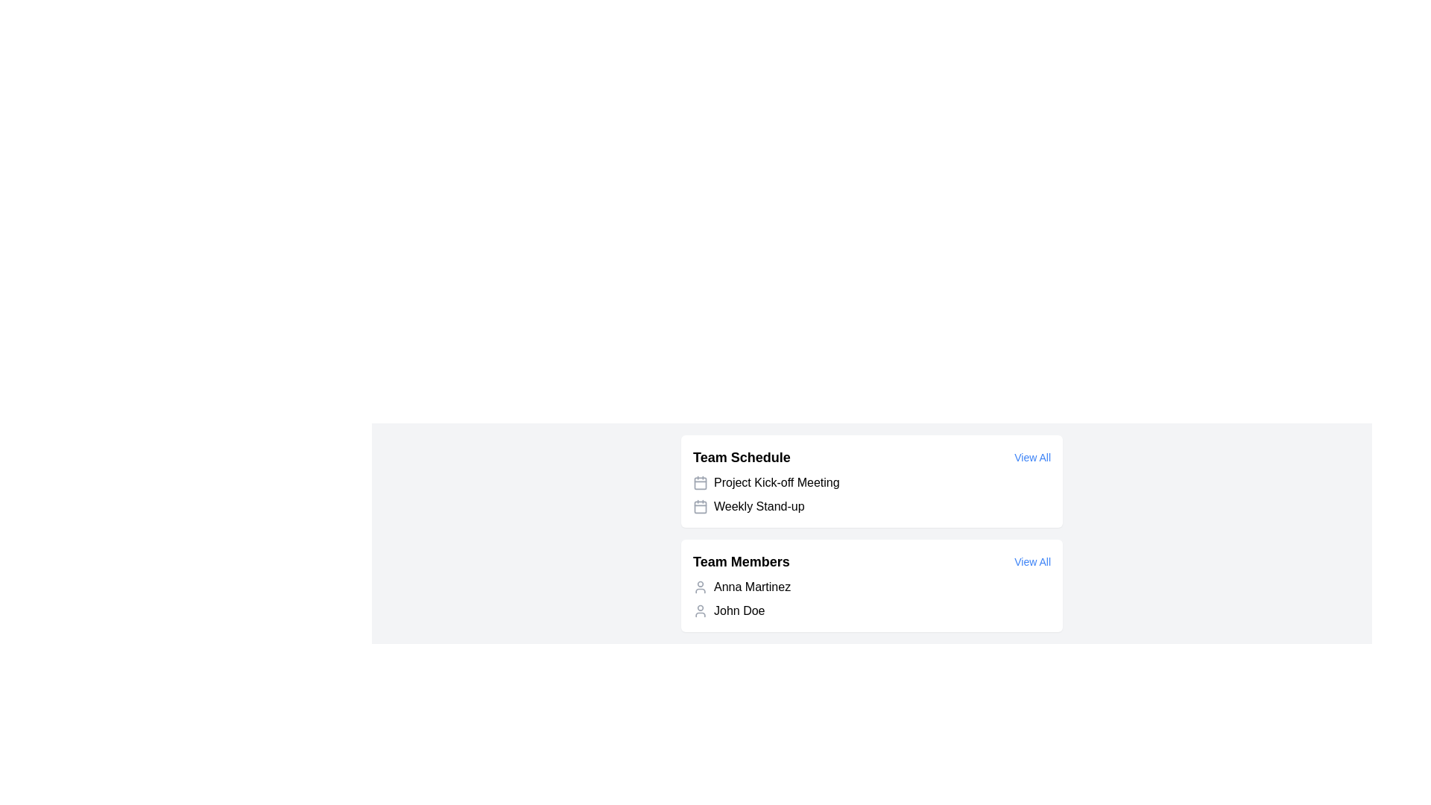  I want to click on the first label in the 'Team Schedule' section, so click(776, 483).